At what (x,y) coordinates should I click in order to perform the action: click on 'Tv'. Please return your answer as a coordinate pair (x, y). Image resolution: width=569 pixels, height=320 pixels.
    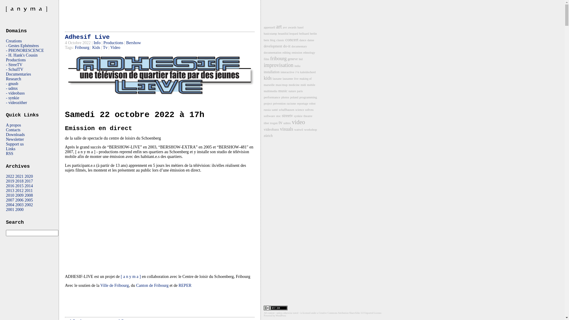
    Looking at the image, I should click on (105, 47).